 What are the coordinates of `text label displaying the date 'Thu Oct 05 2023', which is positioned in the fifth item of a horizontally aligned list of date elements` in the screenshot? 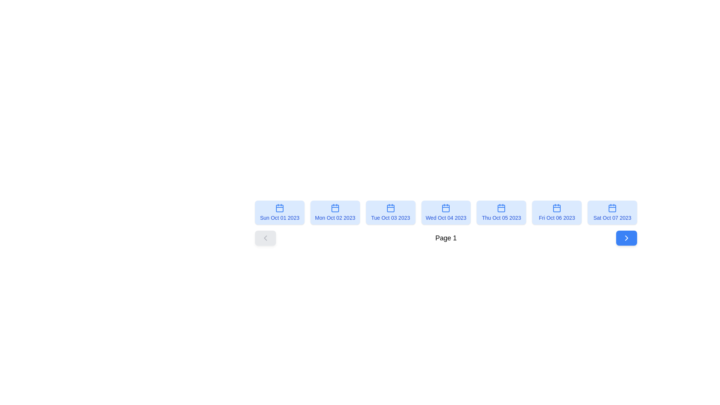 It's located at (501, 218).